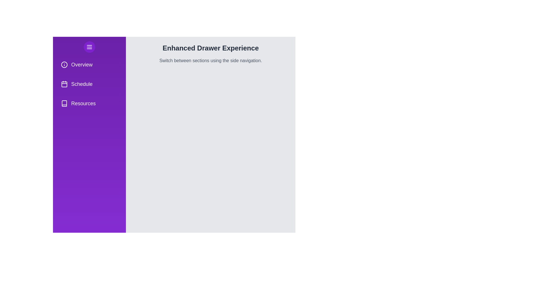 The width and height of the screenshot is (547, 308). I want to click on the menu item Overview to observe visual feedback, so click(89, 64).